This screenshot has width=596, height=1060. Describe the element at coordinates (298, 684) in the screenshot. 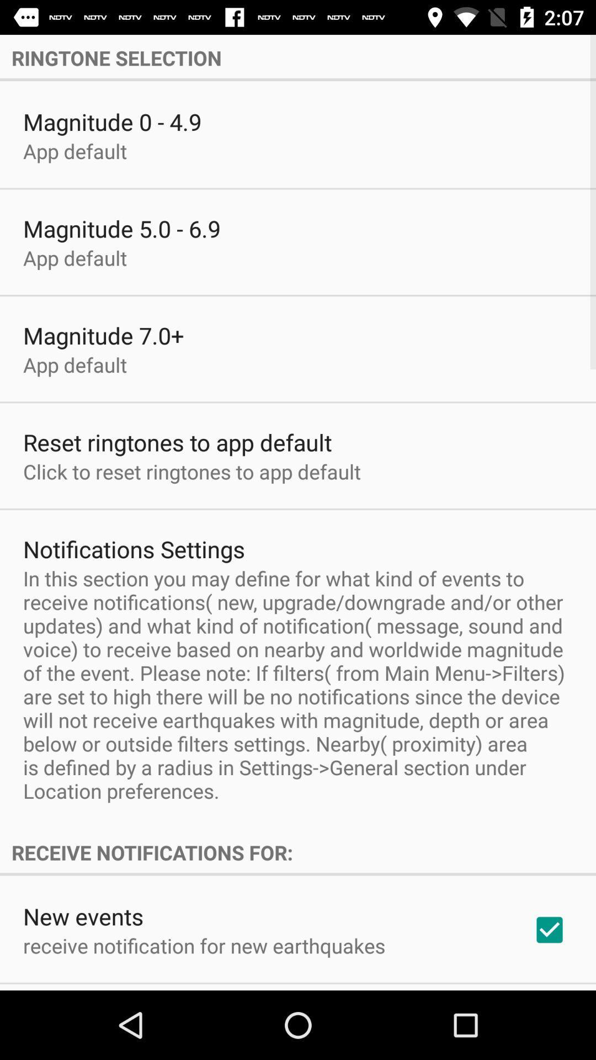

I see `item at the center` at that location.